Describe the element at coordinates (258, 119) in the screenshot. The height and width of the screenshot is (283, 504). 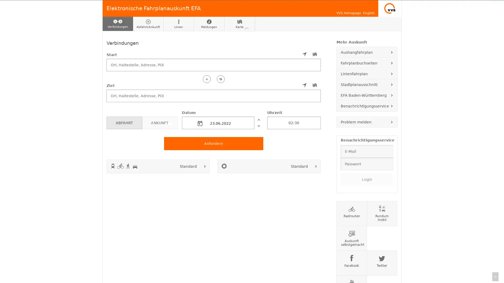
I see `vorher` at that location.